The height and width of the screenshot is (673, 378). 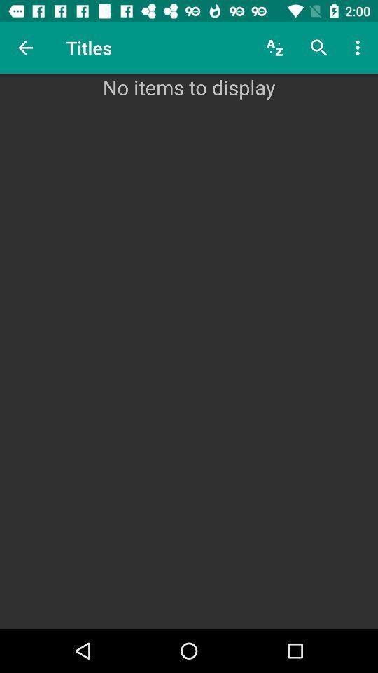 What do you see at coordinates (275, 48) in the screenshot?
I see `the icon above no items to item` at bounding box center [275, 48].